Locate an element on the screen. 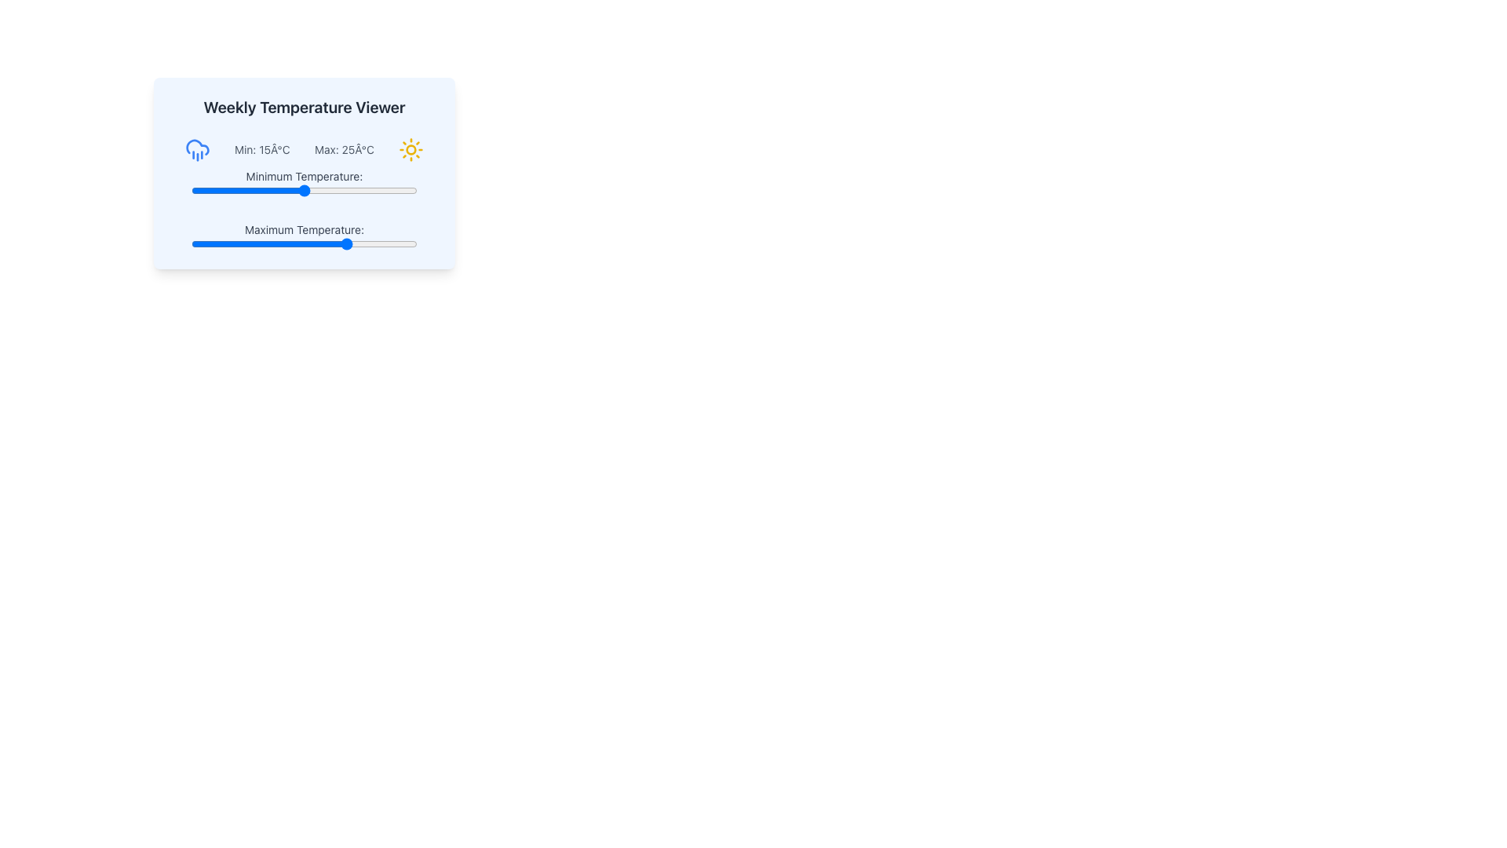 Image resolution: width=1507 pixels, height=848 pixels. the maximum temperature is located at coordinates (381, 244).